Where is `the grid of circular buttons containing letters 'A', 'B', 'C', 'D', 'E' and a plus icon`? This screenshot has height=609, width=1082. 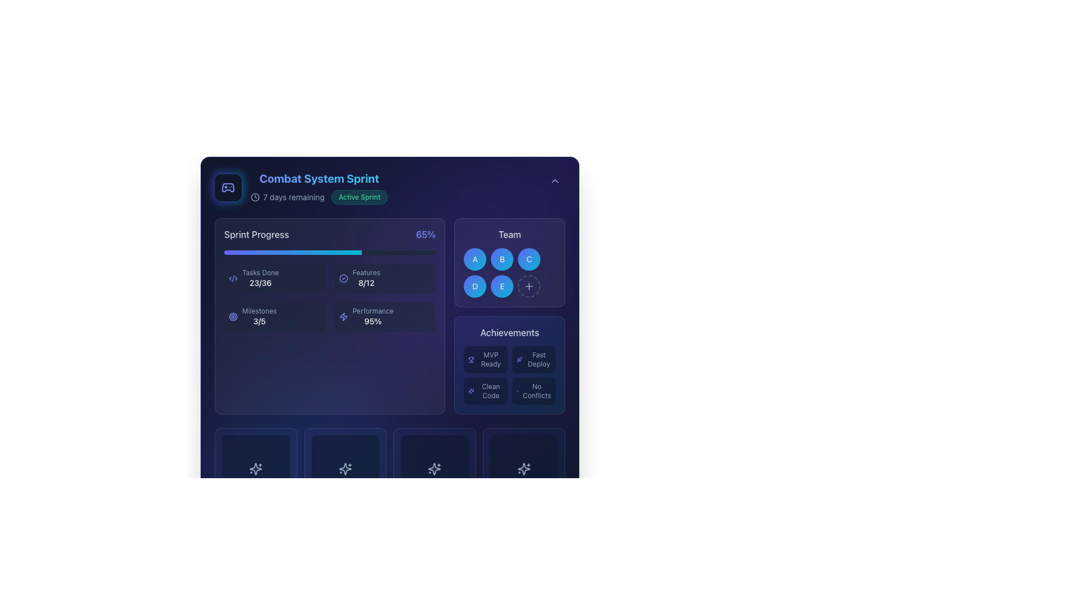 the grid of circular buttons containing letters 'A', 'B', 'C', 'D', 'E' and a plus icon is located at coordinates (509, 272).